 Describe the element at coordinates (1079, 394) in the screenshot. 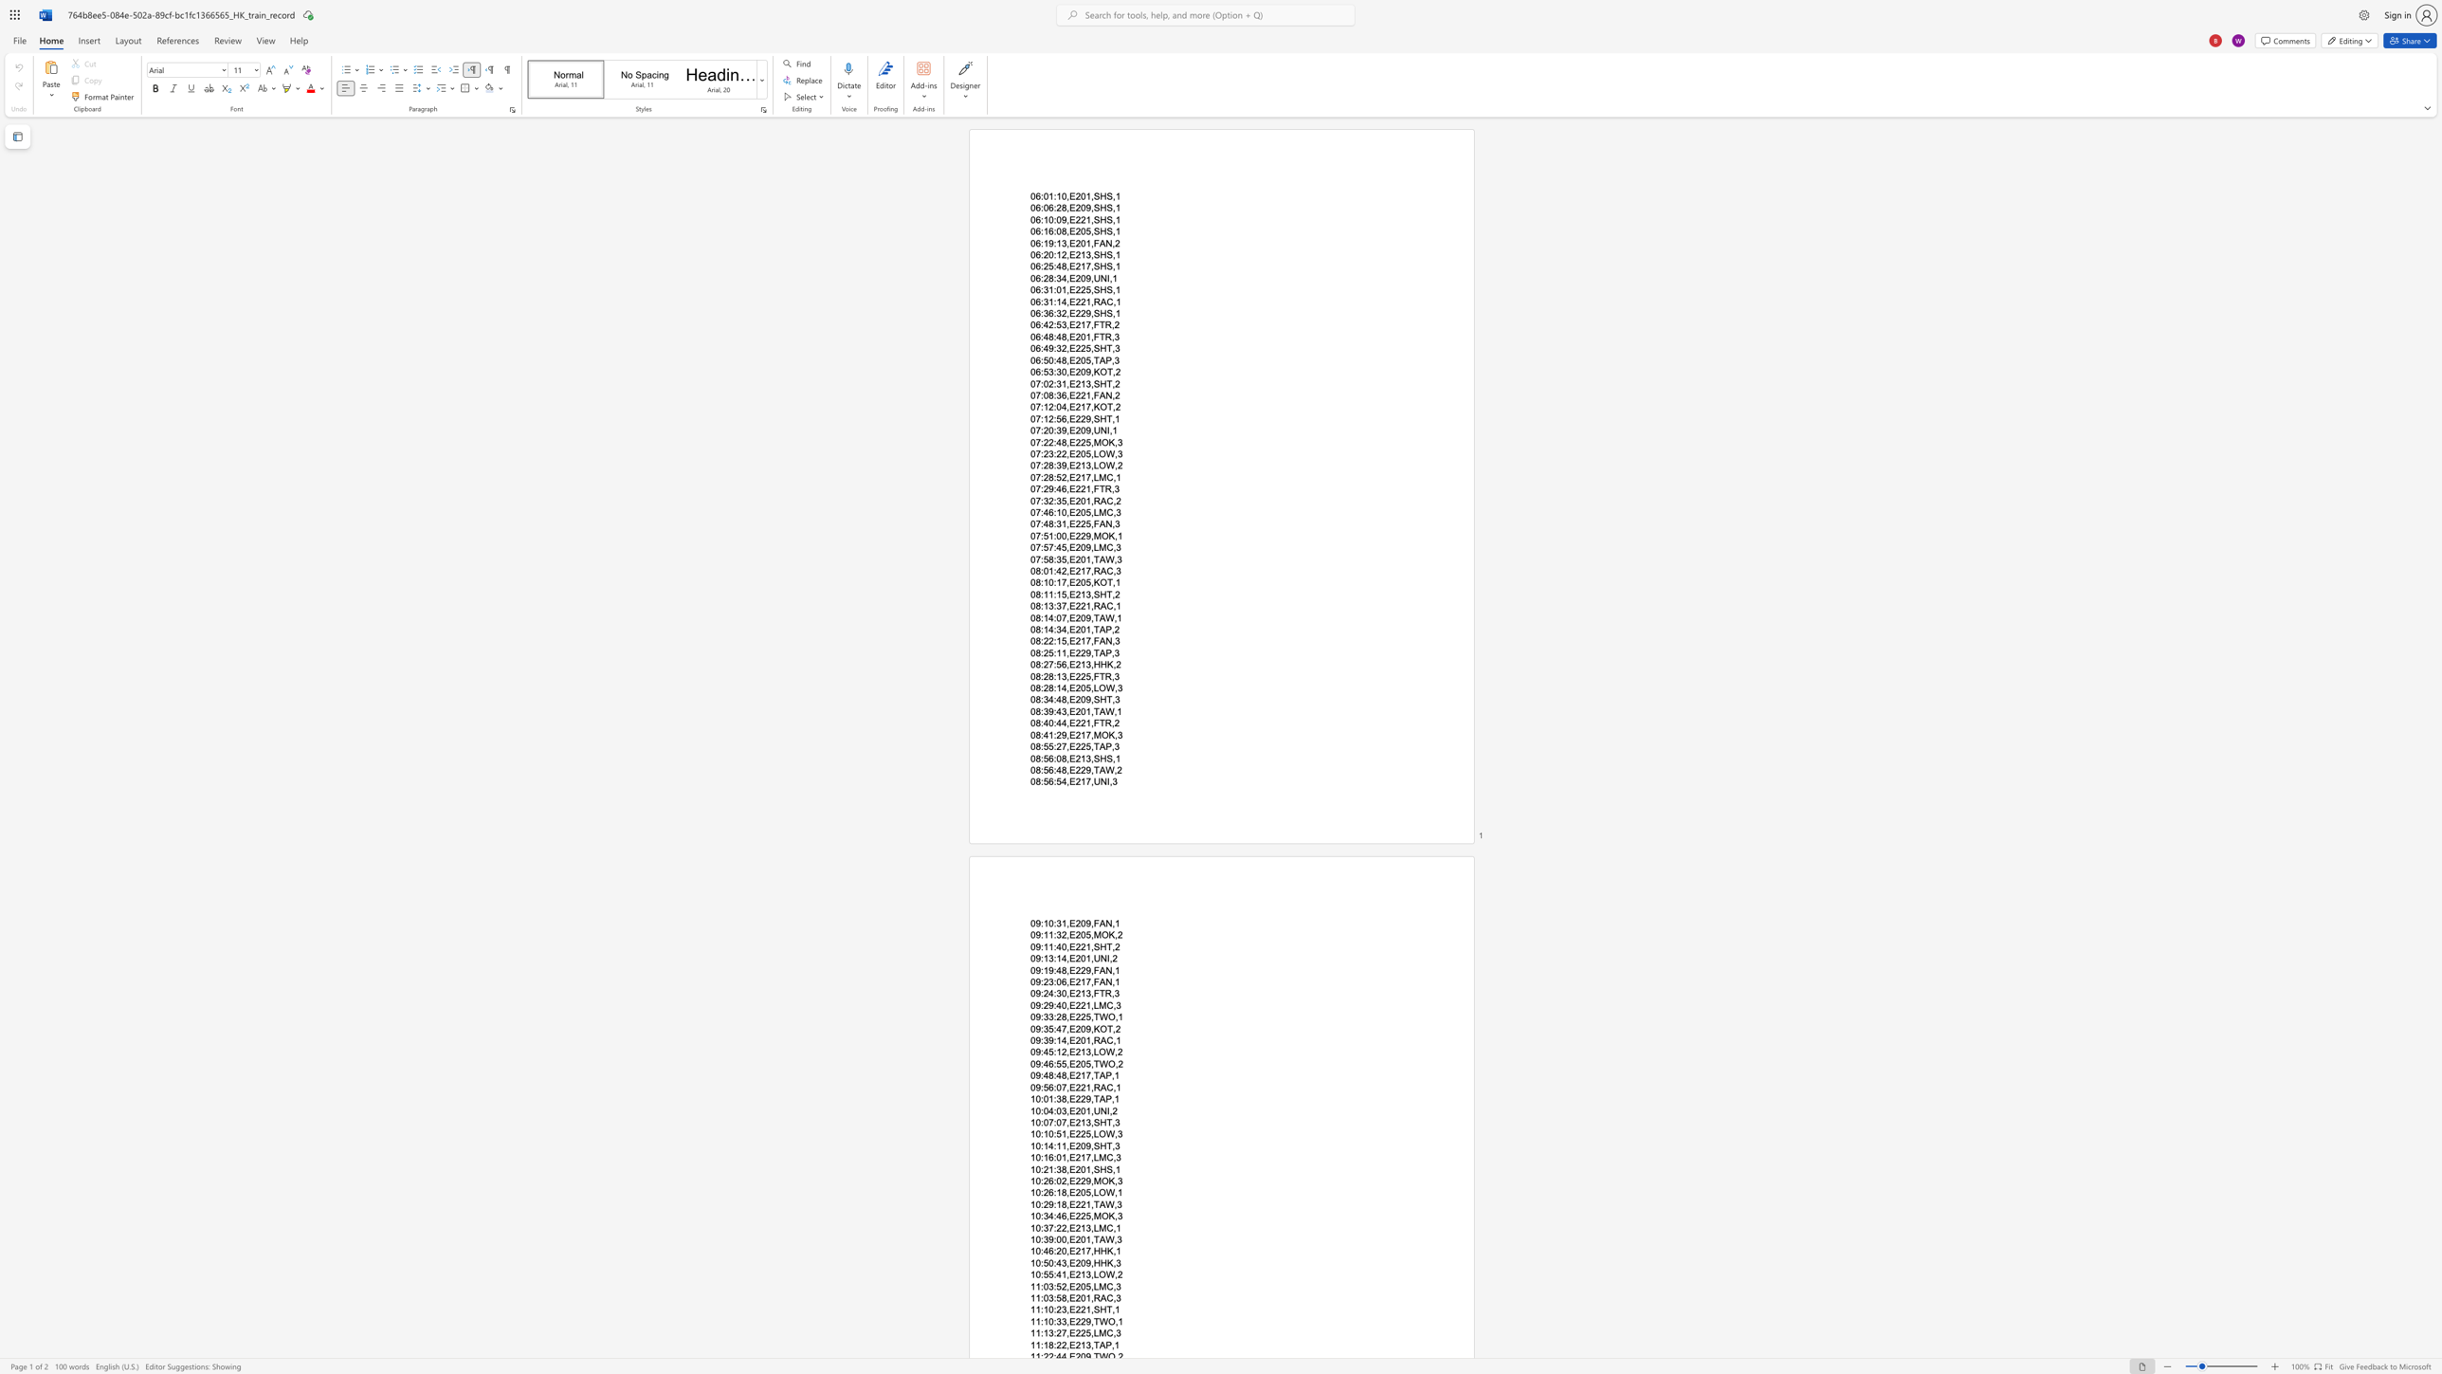

I see `the space between the continuous character "2" and "2" in the text` at that location.